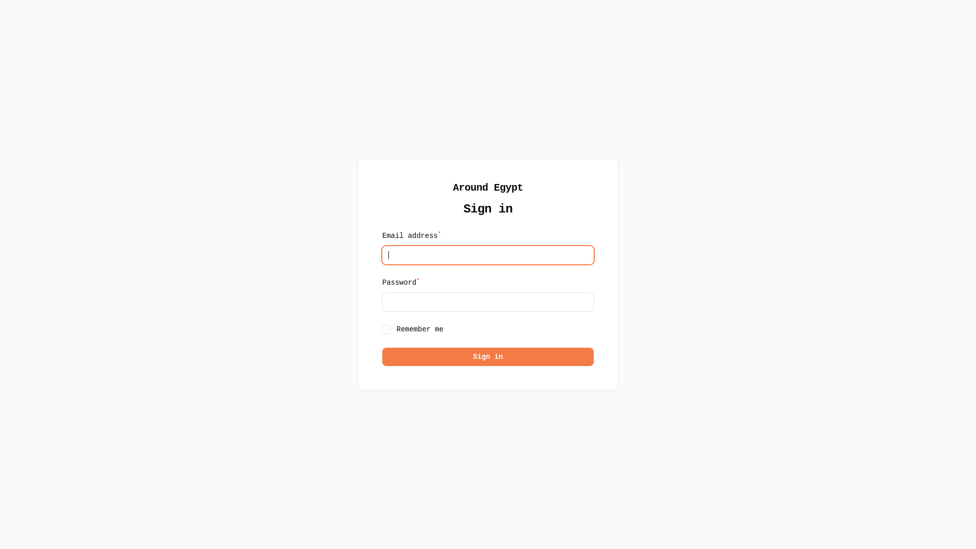  I want to click on 'Sign in', so click(488, 356).